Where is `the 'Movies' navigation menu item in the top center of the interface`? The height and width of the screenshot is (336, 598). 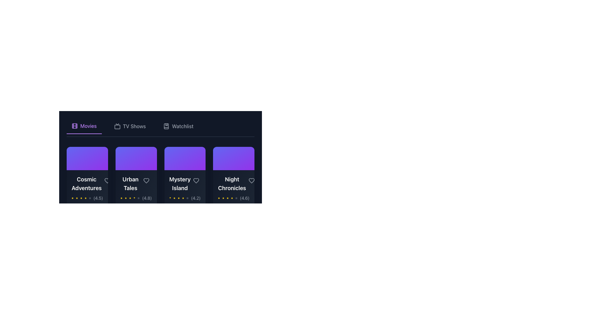
the 'Movies' navigation menu item in the top center of the interface is located at coordinates (84, 126).